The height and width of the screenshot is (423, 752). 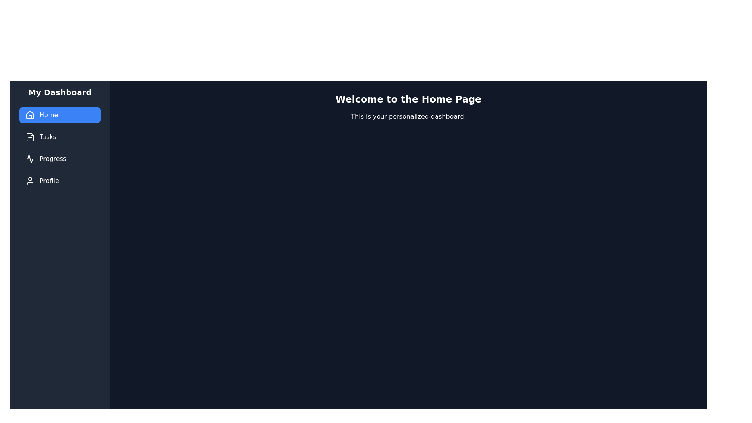 I want to click on the 'Progress' icon located in the sidebar navigation menu, positioned between 'Tasks' above and 'Profile' below, by moving the cursor to this element's center point, so click(x=30, y=159).